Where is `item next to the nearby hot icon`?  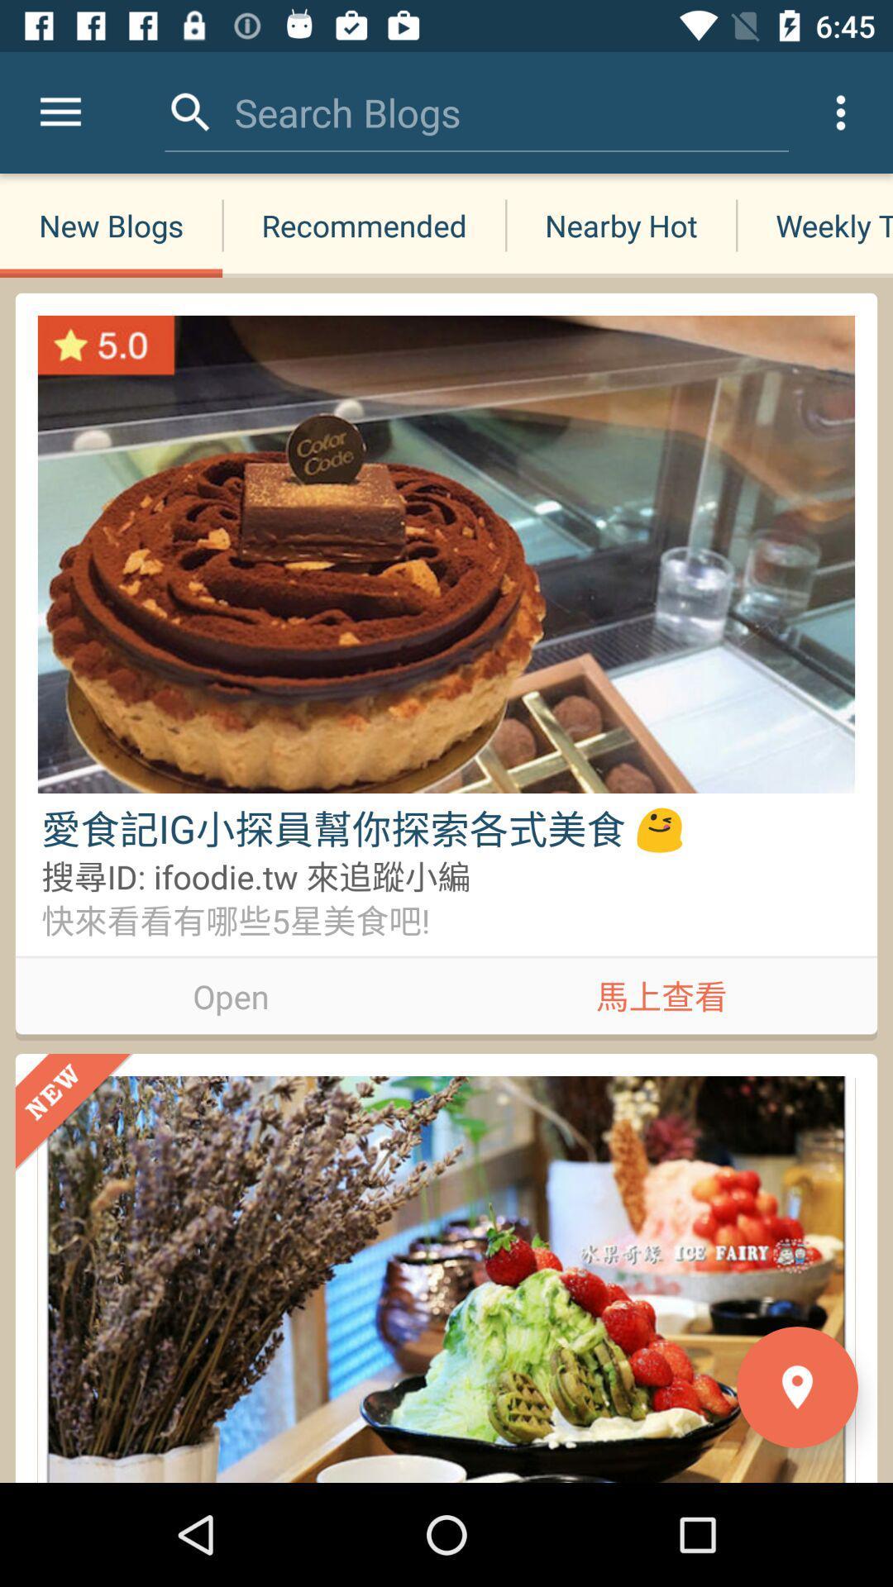
item next to the nearby hot icon is located at coordinates (363, 225).